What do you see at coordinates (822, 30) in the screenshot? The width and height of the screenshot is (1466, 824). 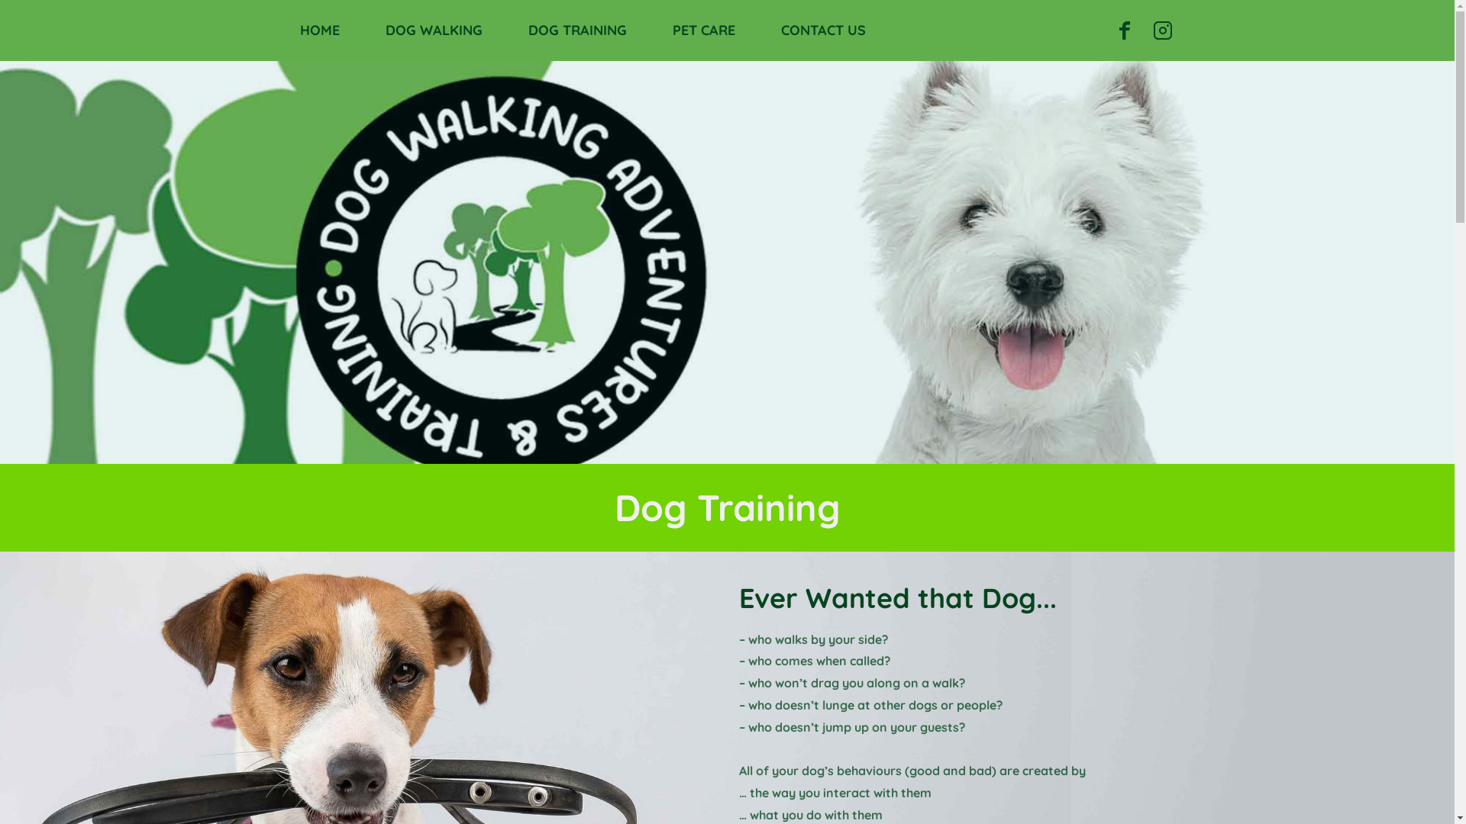 I see `'CONTACT US'` at bounding box center [822, 30].